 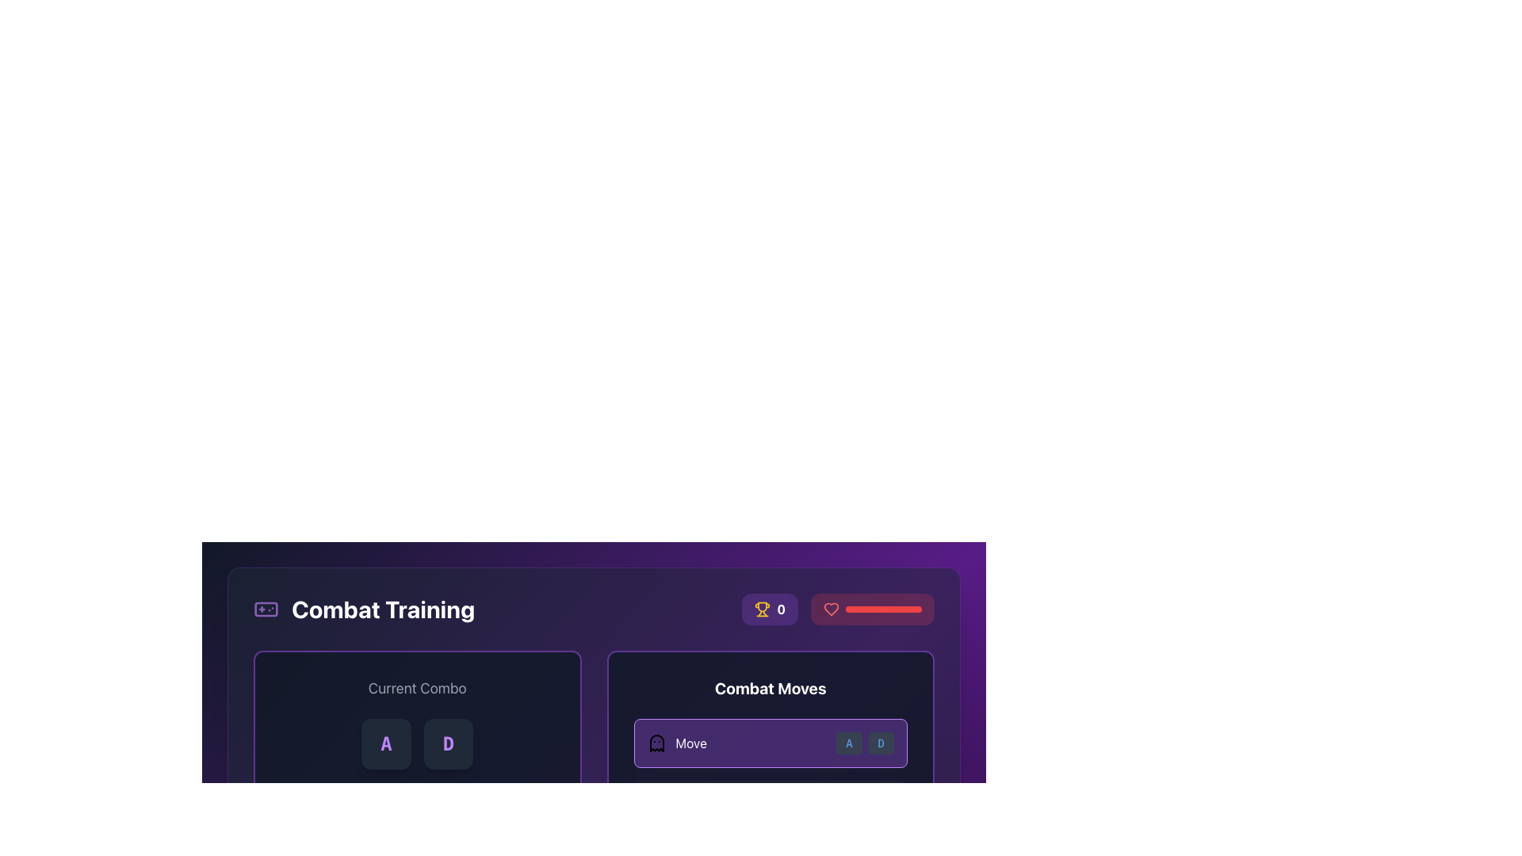 What do you see at coordinates (448, 743) in the screenshot?
I see `the second button labeled 'D' in bold purple font, located towards the bottom-center of the interface under the label 'Current Combo'` at bounding box center [448, 743].